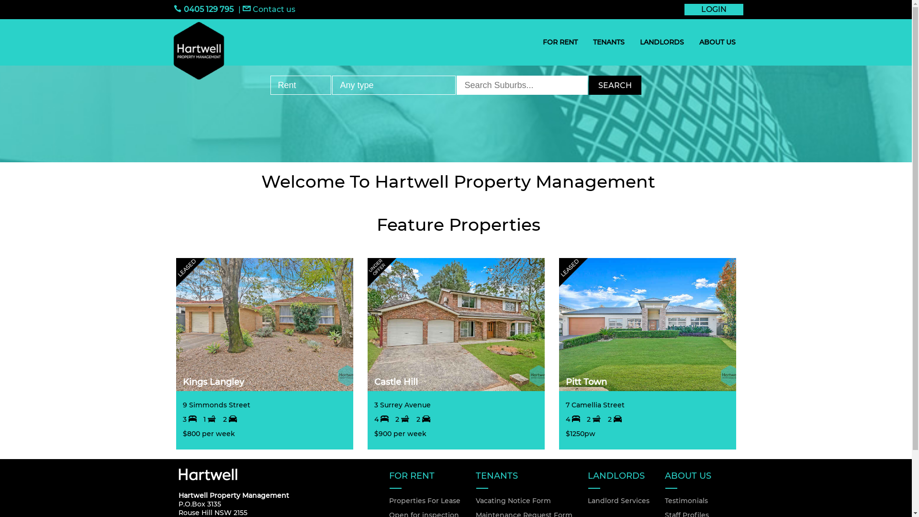  Describe the element at coordinates (268, 9) in the screenshot. I see `'Contact us'` at that location.